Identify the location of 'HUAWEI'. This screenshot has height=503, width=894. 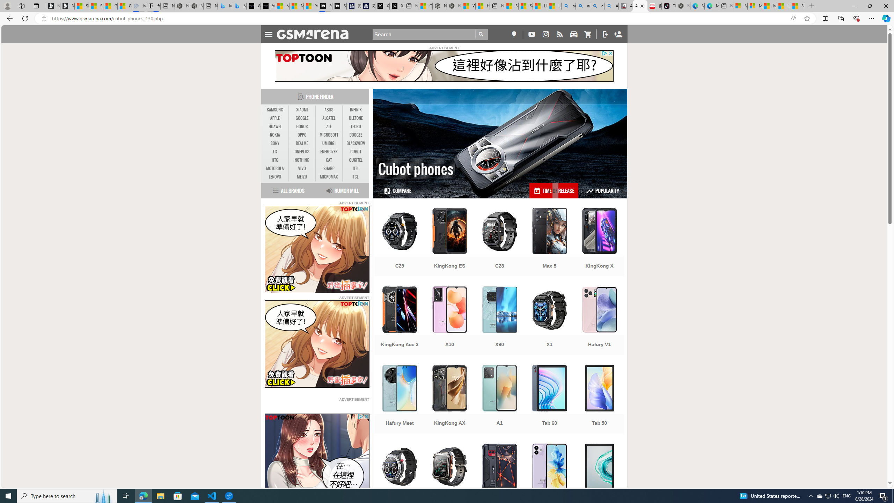
(275, 126).